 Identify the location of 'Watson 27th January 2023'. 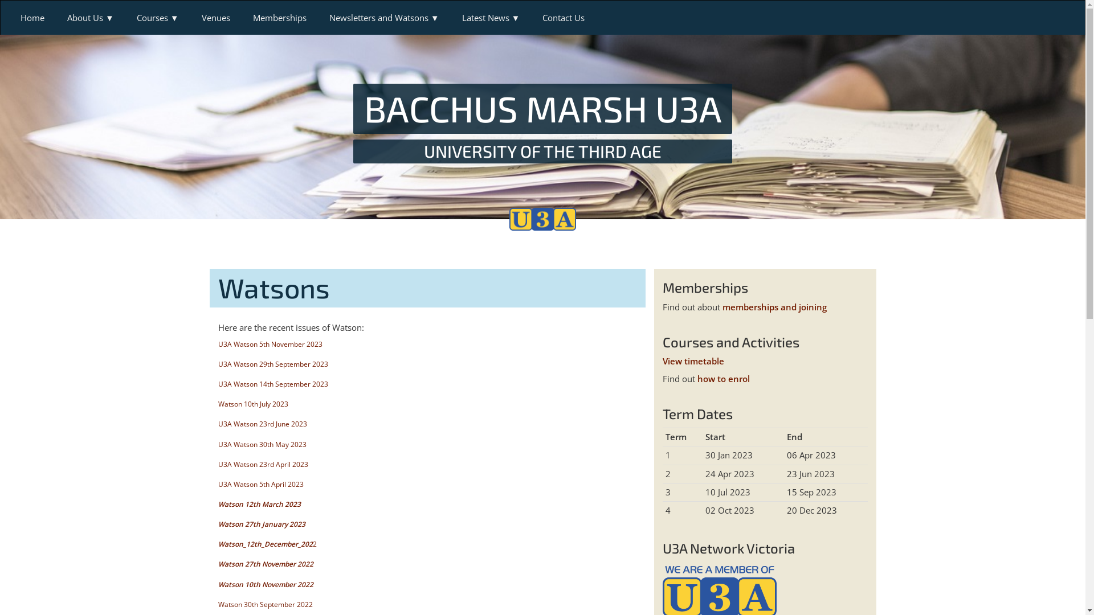
(260, 524).